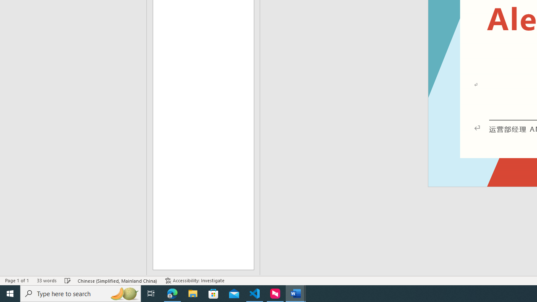 This screenshot has height=302, width=537. I want to click on 'Page Number Page 1 of 1', so click(17, 281).